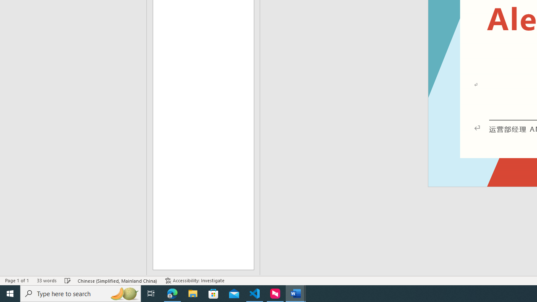 This screenshot has height=302, width=537. I want to click on 'Page Number Page 1 of 1', so click(17, 281).